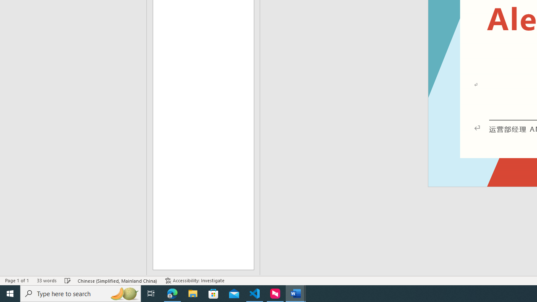 This screenshot has height=302, width=537. I want to click on 'Page Number Page 1 of 1', so click(17, 281).